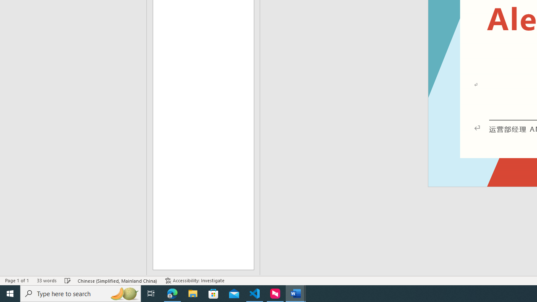 This screenshot has height=302, width=537. I want to click on 'Page Number Page 1 of 1', so click(17, 281).